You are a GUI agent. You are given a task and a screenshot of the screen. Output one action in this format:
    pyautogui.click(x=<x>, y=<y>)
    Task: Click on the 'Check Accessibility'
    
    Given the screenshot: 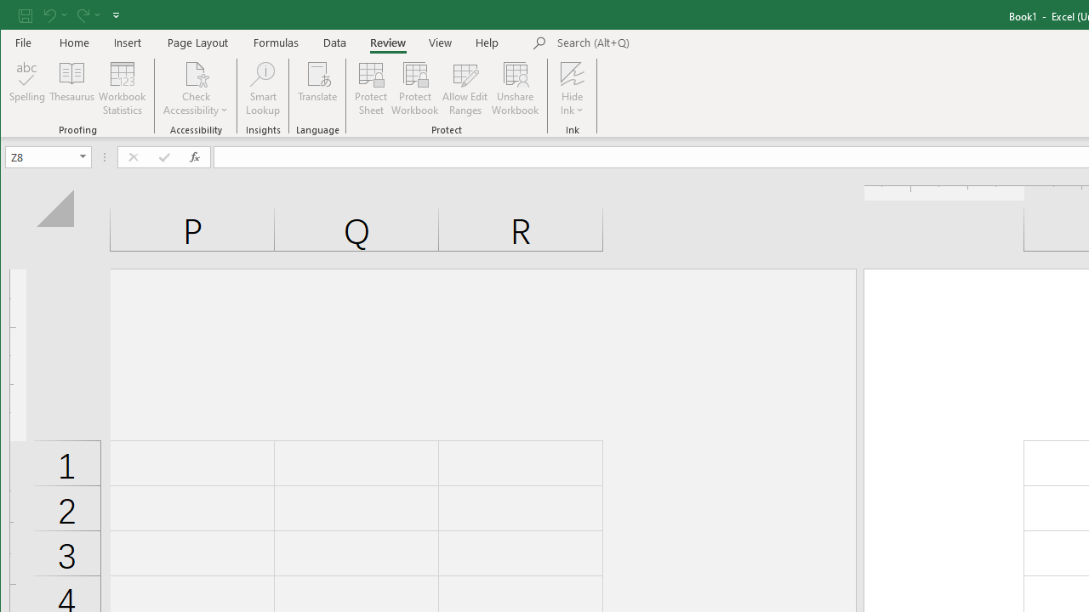 What is the action you would take?
    pyautogui.click(x=196, y=72)
    